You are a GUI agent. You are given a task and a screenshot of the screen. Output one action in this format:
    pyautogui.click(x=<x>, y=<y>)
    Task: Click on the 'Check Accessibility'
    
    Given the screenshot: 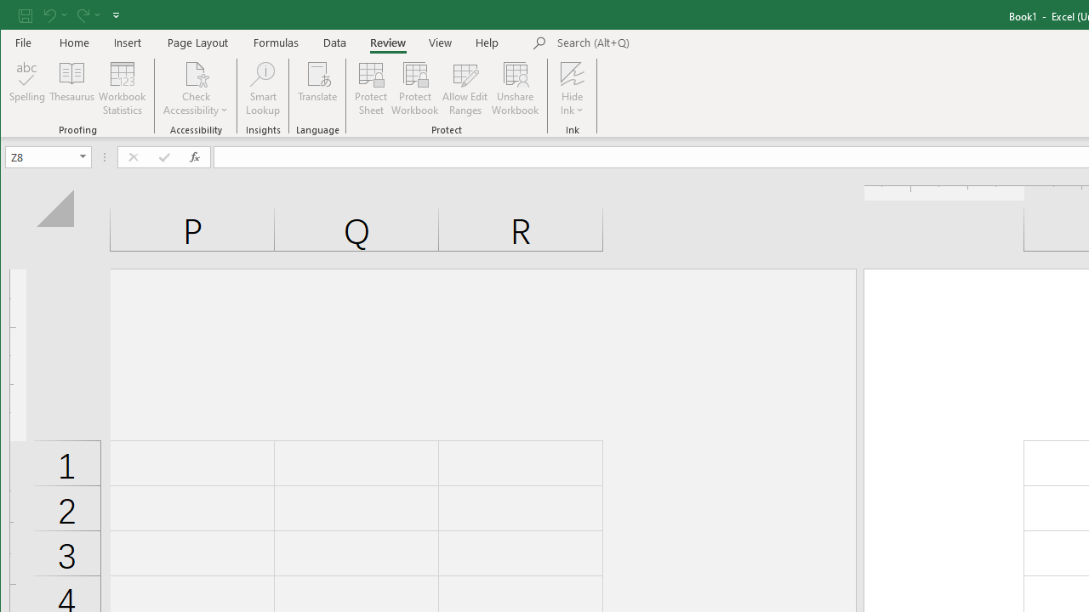 What is the action you would take?
    pyautogui.click(x=196, y=72)
    